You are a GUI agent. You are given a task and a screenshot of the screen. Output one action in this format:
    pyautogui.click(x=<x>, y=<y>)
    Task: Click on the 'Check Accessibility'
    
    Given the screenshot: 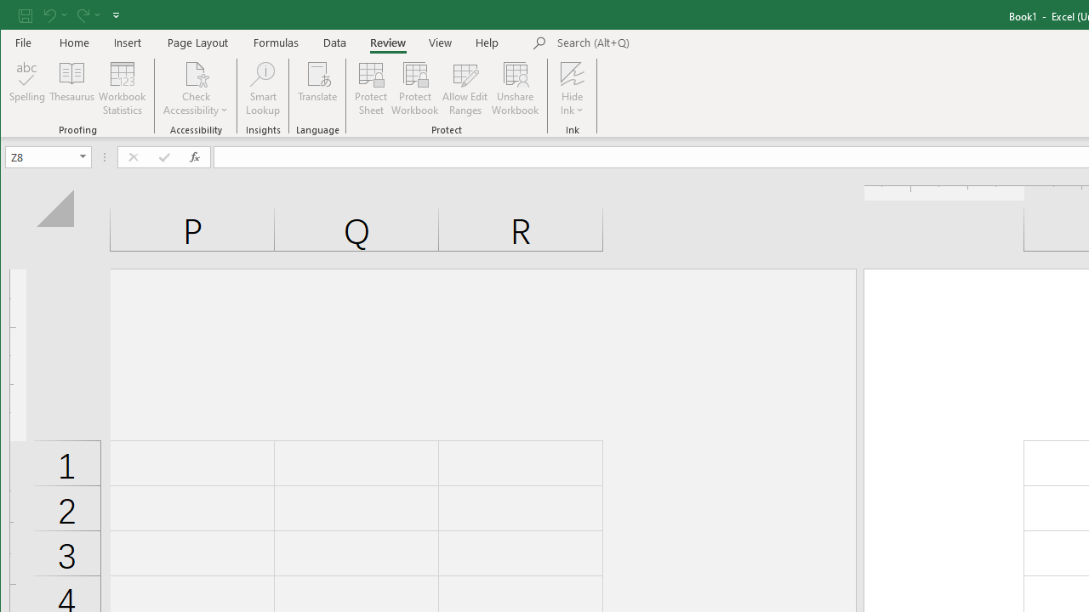 What is the action you would take?
    pyautogui.click(x=196, y=72)
    